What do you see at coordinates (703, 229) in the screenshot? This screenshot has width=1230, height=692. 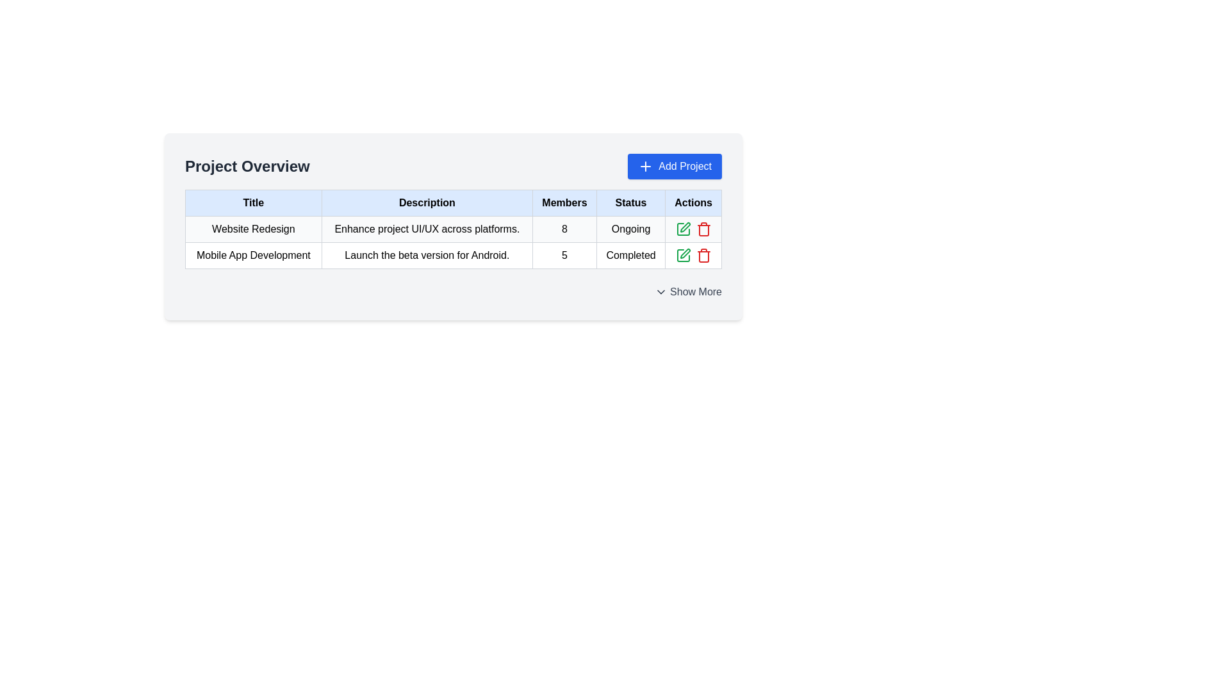 I see `the red trash can icon in the Actions column of the 'Mobile App Development' row to initiate a delete action` at bounding box center [703, 229].